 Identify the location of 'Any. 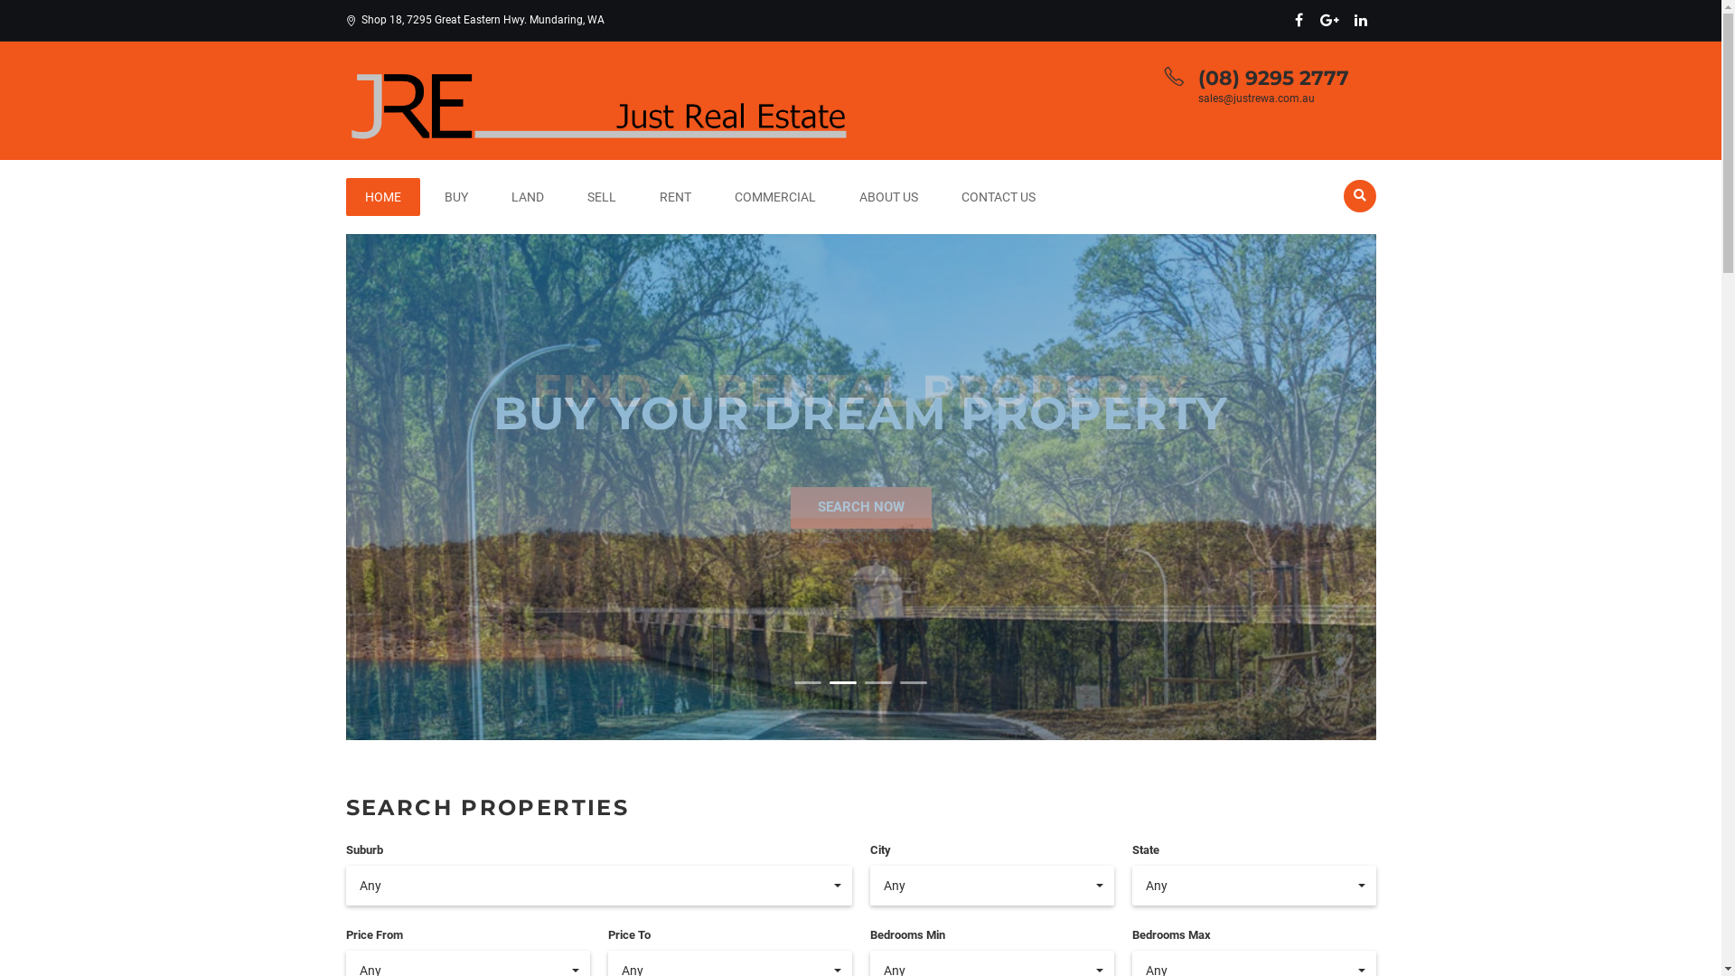
(598, 884).